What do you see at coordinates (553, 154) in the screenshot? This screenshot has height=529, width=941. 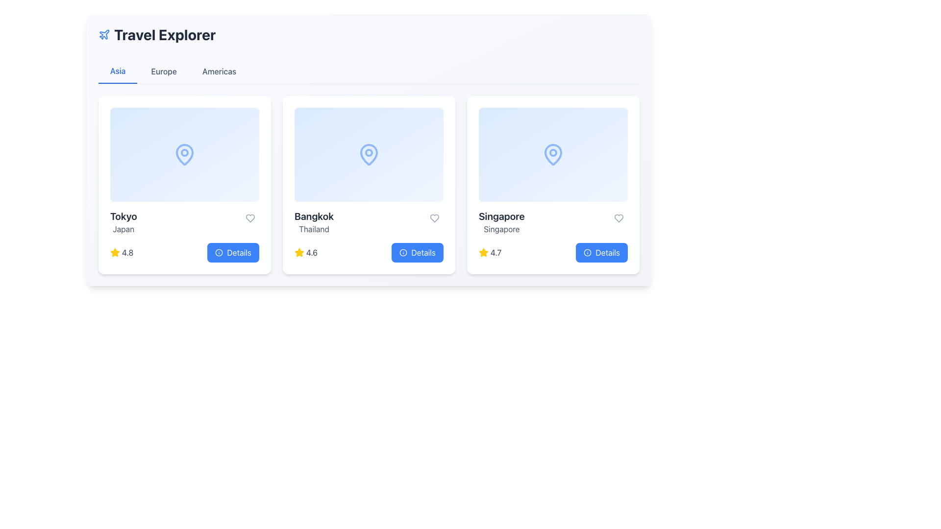 I see `the blue map pin icon with a circular design and hollow center, located within the image area of the Singapore card in the horizontal list layout` at bounding box center [553, 154].